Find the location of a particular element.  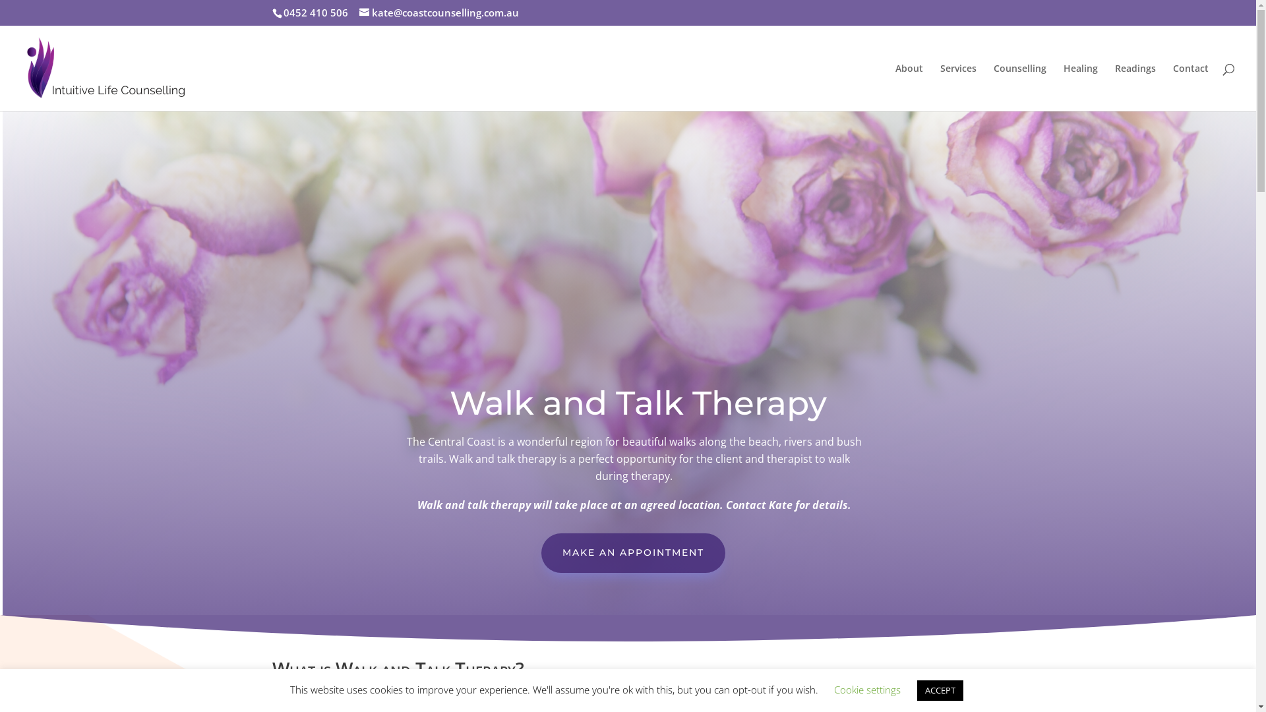

'Services' is located at coordinates (958, 86).